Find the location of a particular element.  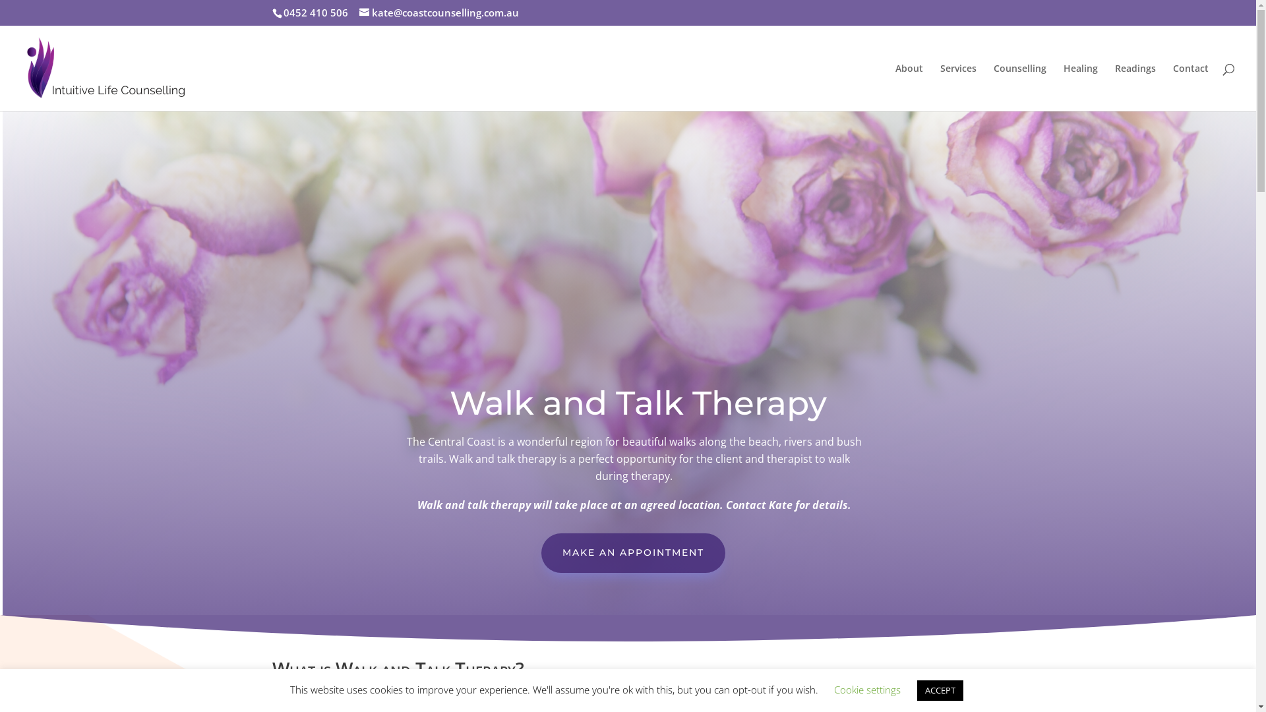

'Services' is located at coordinates (958, 86).